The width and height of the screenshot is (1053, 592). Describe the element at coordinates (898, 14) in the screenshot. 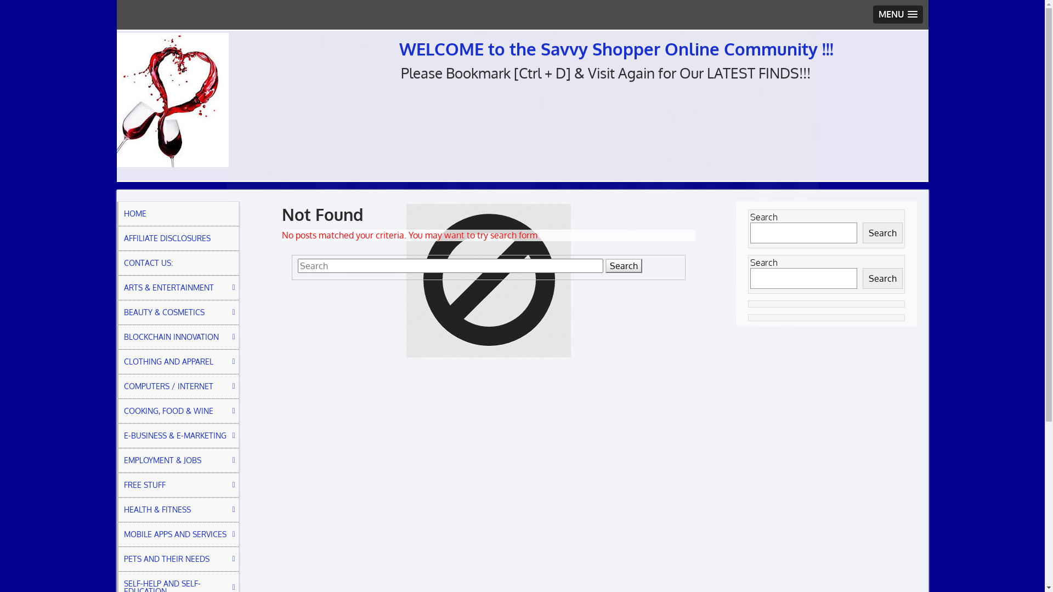

I see `'MENU'` at that location.